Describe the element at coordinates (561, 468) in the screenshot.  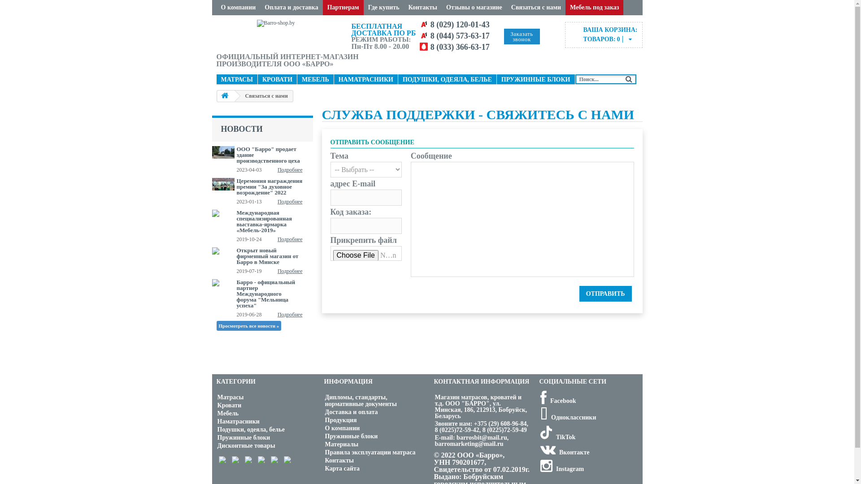
I see `'Instagram'` at that location.